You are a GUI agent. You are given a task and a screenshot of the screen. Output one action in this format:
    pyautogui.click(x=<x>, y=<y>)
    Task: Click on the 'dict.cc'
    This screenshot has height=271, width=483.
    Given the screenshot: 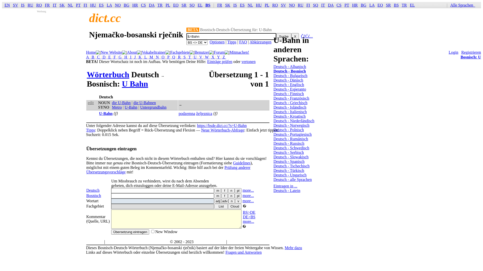 What is the action you would take?
    pyautogui.click(x=105, y=18)
    